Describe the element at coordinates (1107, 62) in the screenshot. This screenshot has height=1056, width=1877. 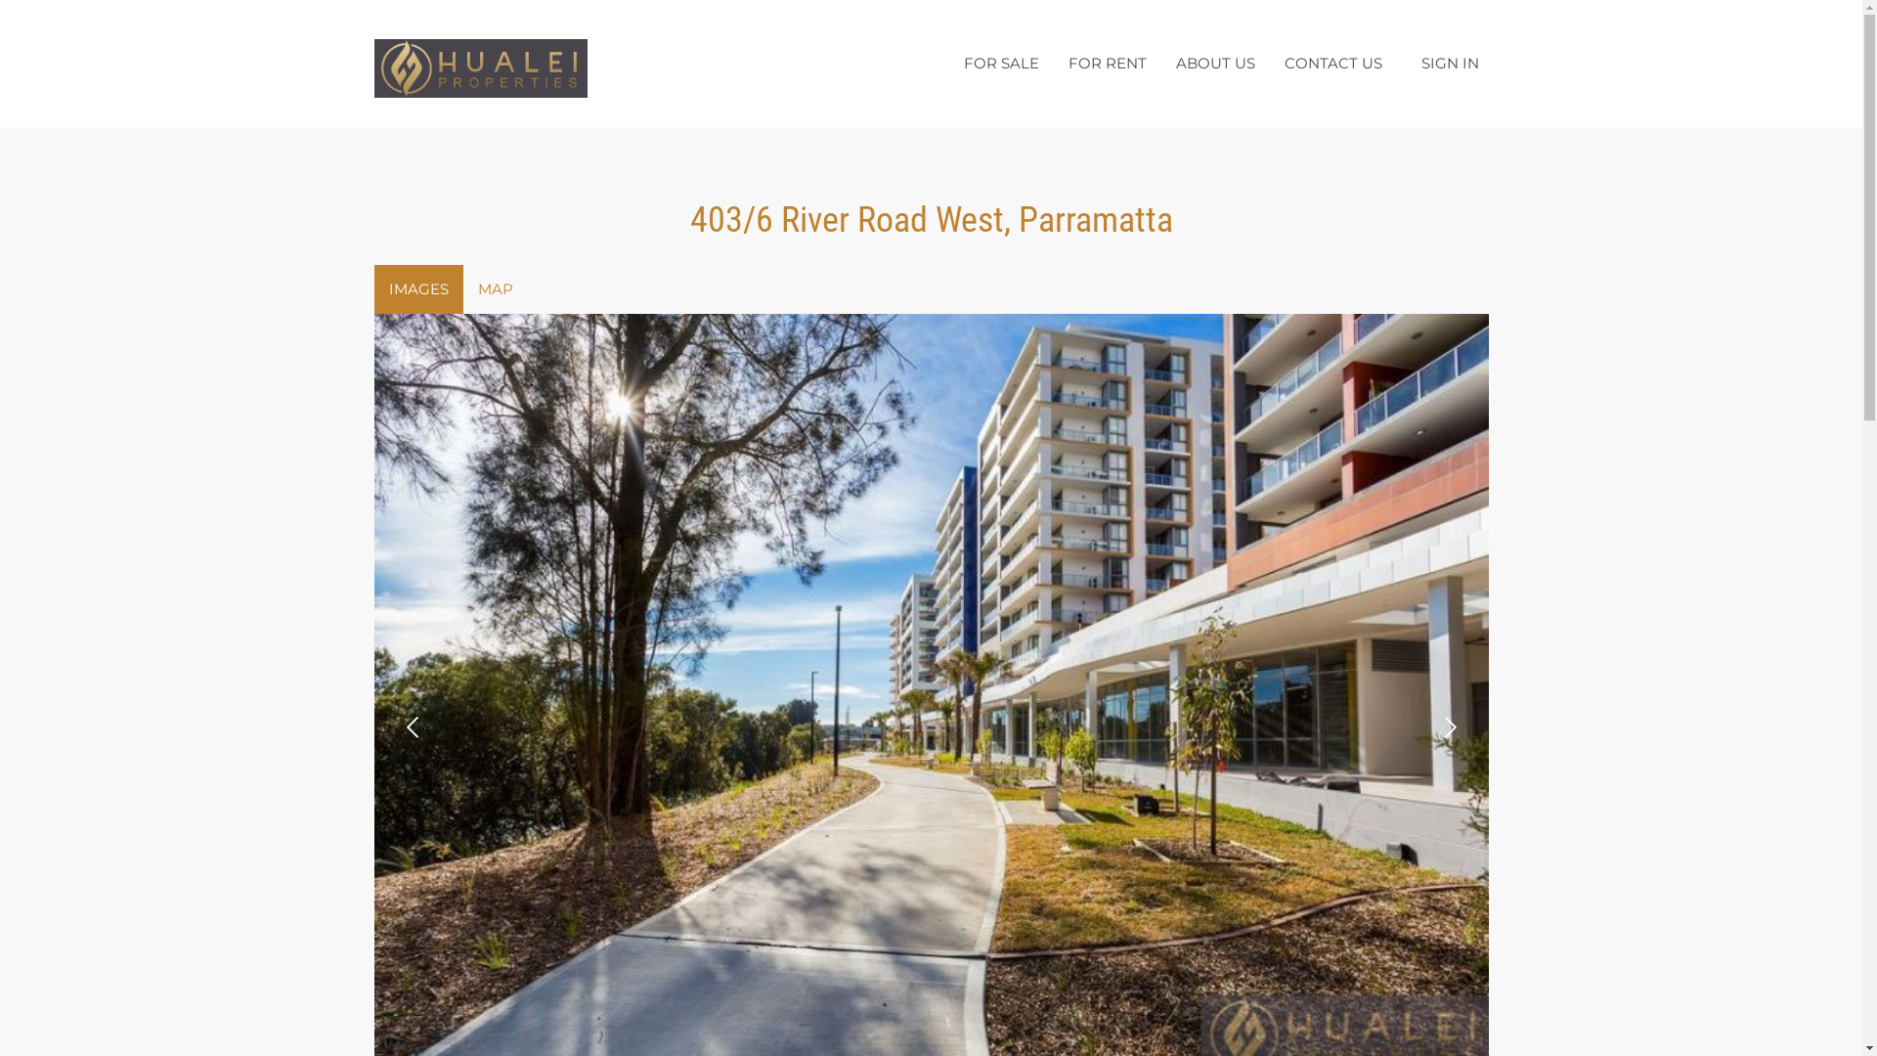
I see `'FOR RENT'` at that location.